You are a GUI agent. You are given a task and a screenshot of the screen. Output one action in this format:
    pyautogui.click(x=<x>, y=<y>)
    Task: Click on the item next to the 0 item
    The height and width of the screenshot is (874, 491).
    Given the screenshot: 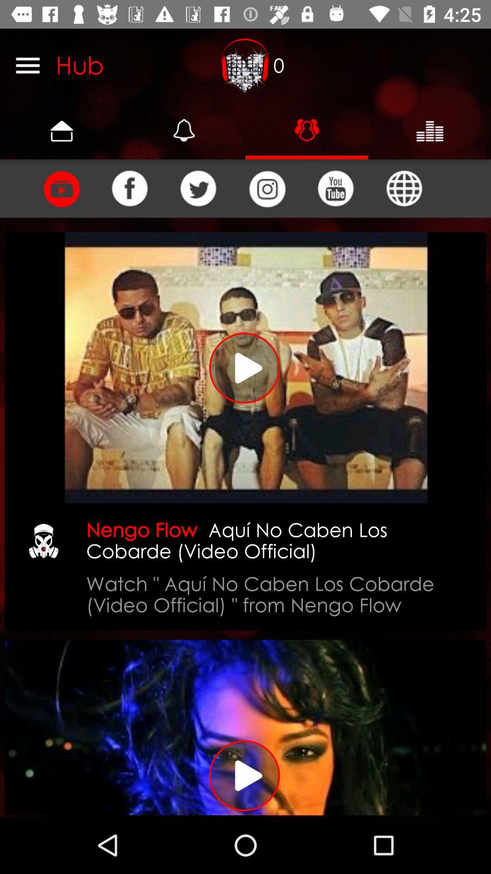 What is the action you would take?
    pyautogui.click(x=245, y=65)
    